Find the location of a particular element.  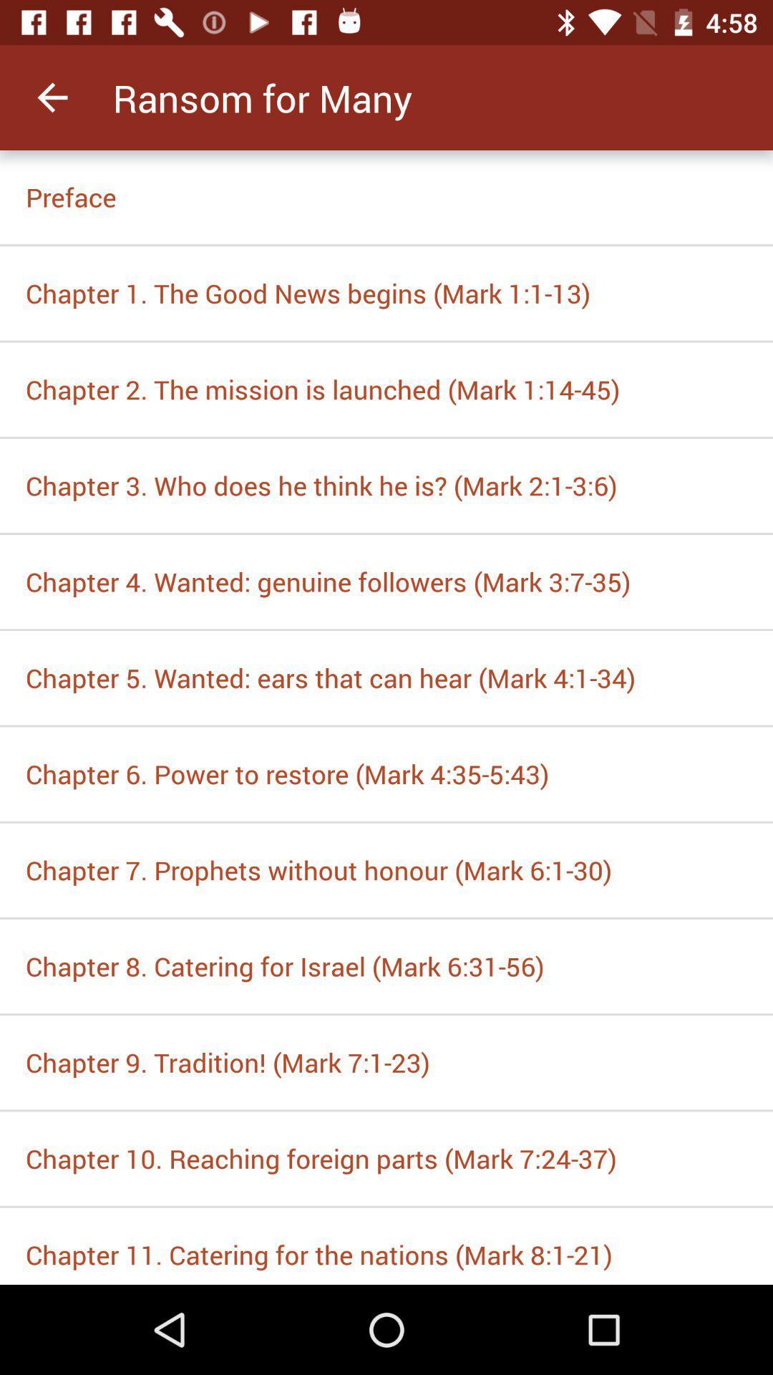

item to the left of ransom for many app is located at coordinates (52, 97).